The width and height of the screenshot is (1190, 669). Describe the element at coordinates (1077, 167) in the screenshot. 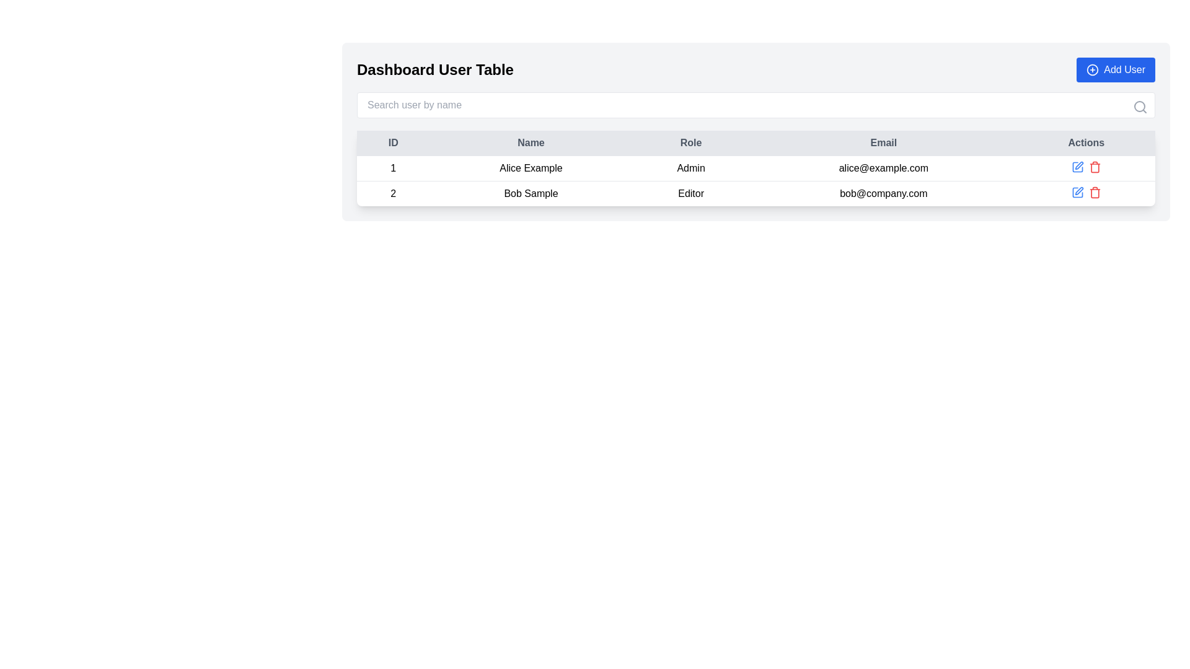

I see `the outline of a square with rounded corners that represents the edit action in the Actions column adjacent to 'Bob Sample'` at that location.